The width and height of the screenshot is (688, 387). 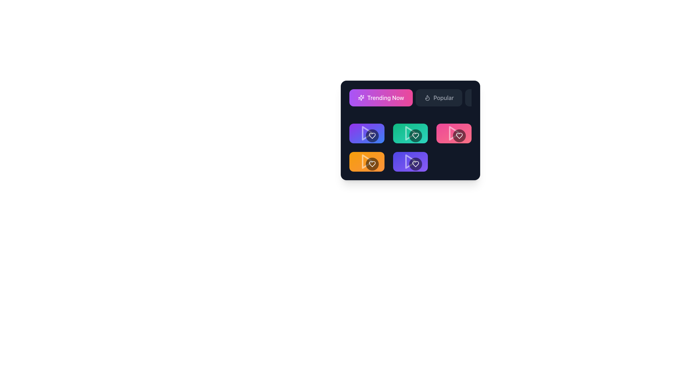 I want to click on the play button icon located in the top-right card of the grid, which is pink and represents play functionality, so click(x=454, y=133).